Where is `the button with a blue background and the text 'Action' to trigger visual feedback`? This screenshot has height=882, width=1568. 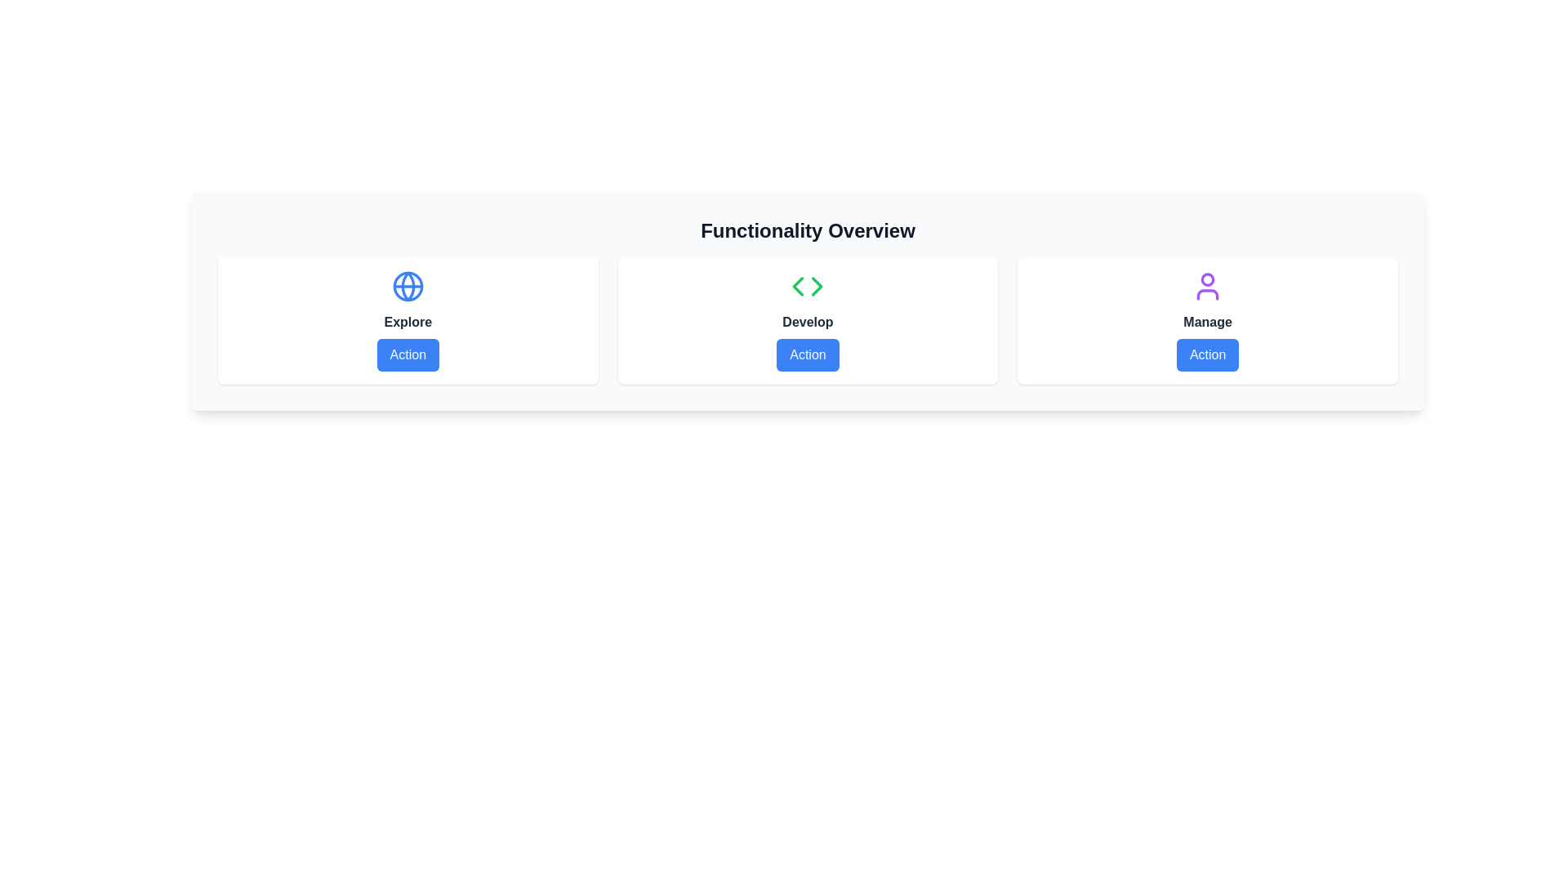 the button with a blue background and the text 'Action' to trigger visual feedback is located at coordinates (1208, 354).